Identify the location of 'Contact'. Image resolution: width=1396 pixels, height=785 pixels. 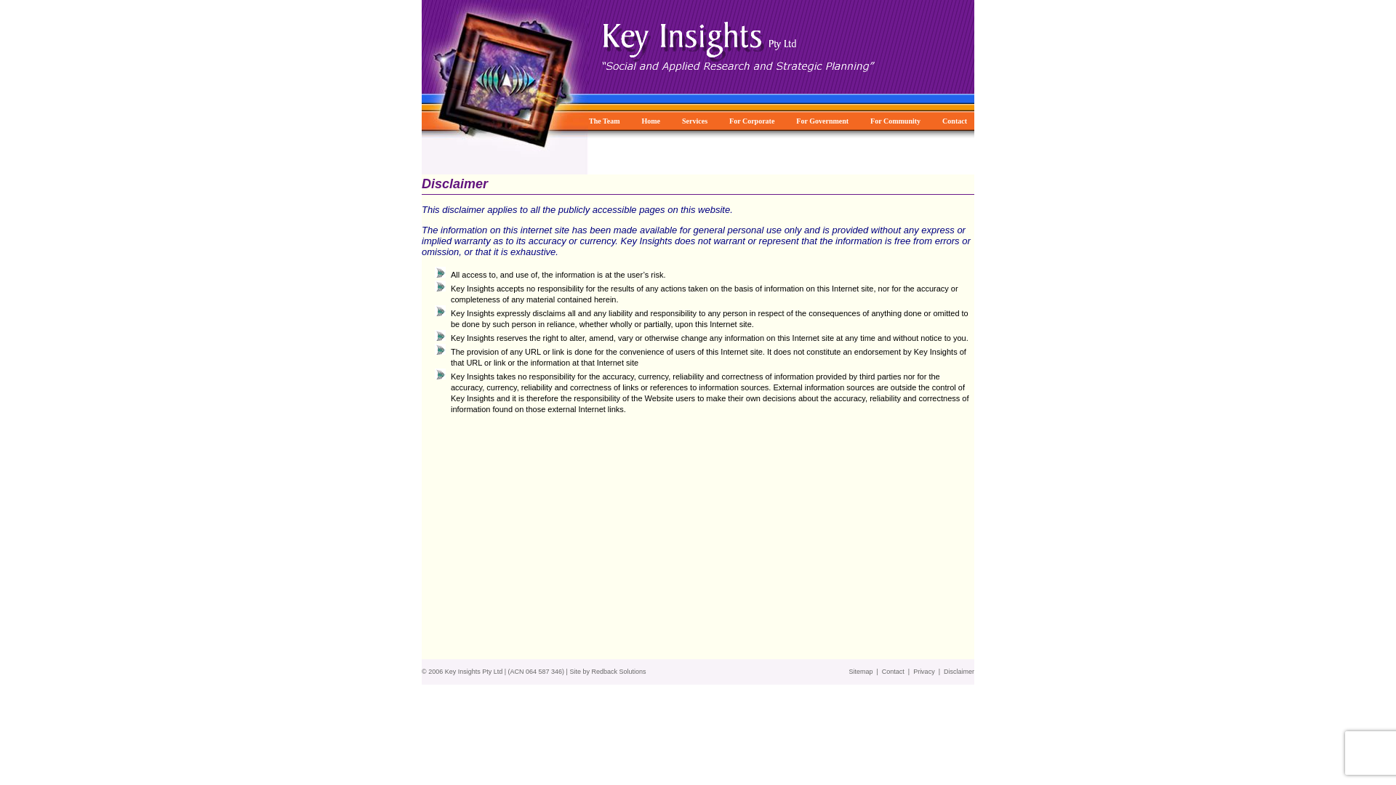
(881, 672).